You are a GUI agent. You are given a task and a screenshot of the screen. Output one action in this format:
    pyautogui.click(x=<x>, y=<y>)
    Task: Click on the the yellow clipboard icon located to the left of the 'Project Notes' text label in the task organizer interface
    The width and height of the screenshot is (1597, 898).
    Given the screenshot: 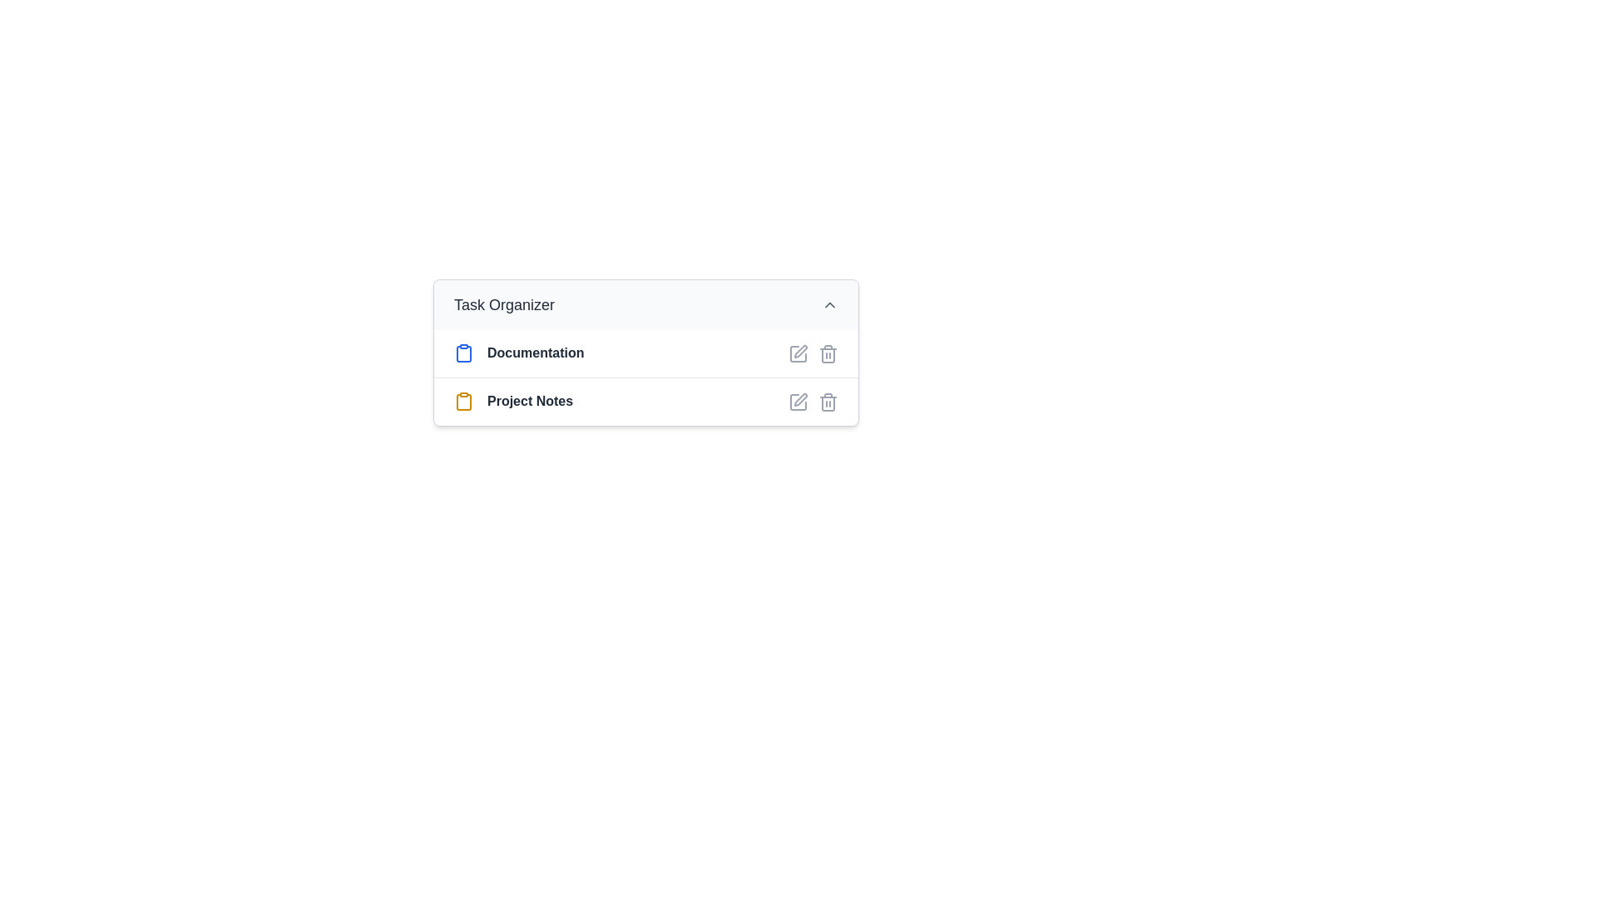 What is the action you would take?
    pyautogui.click(x=463, y=402)
    